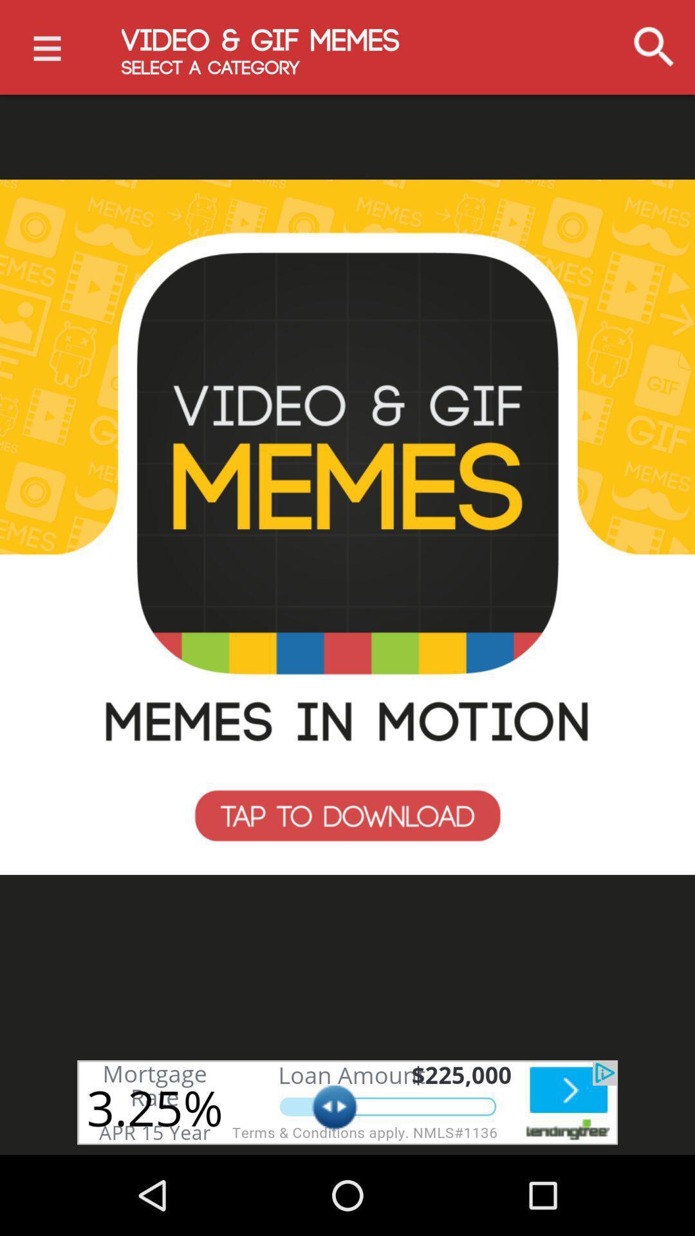  What do you see at coordinates (347, 1101) in the screenshot?
I see `advertising partner` at bounding box center [347, 1101].